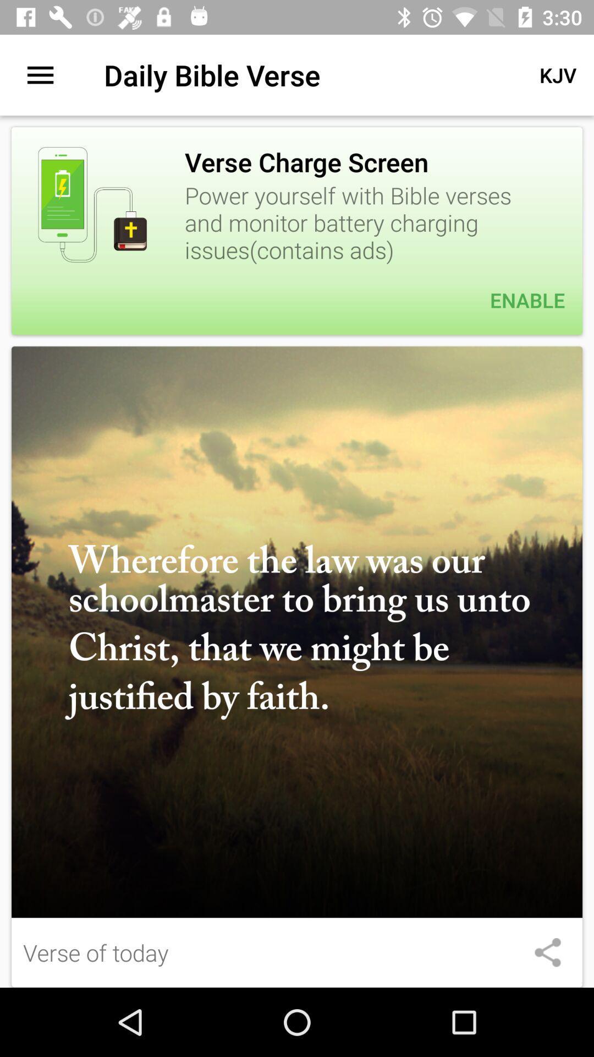 This screenshot has height=1057, width=594. I want to click on the item next to daily bible verse app, so click(558, 74).